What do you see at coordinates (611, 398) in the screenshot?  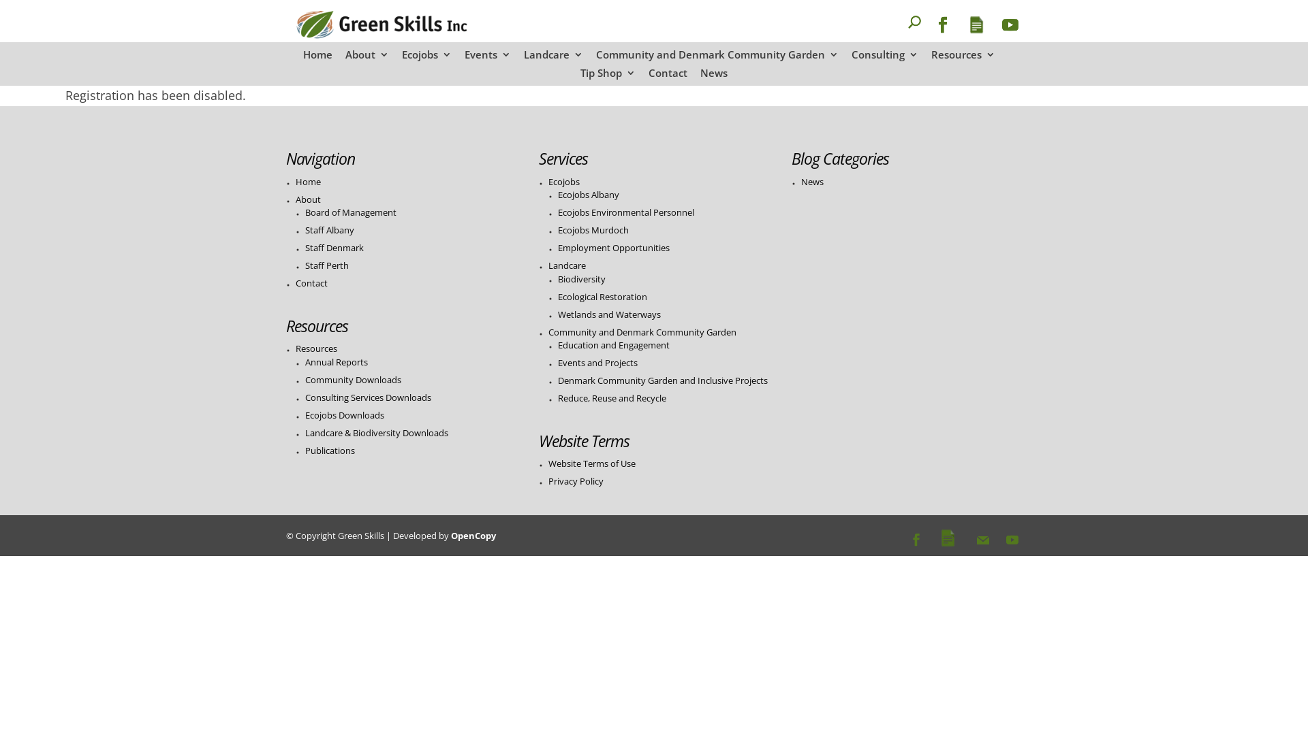 I see `'Reduce, Reuse and Recycle'` at bounding box center [611, 398].